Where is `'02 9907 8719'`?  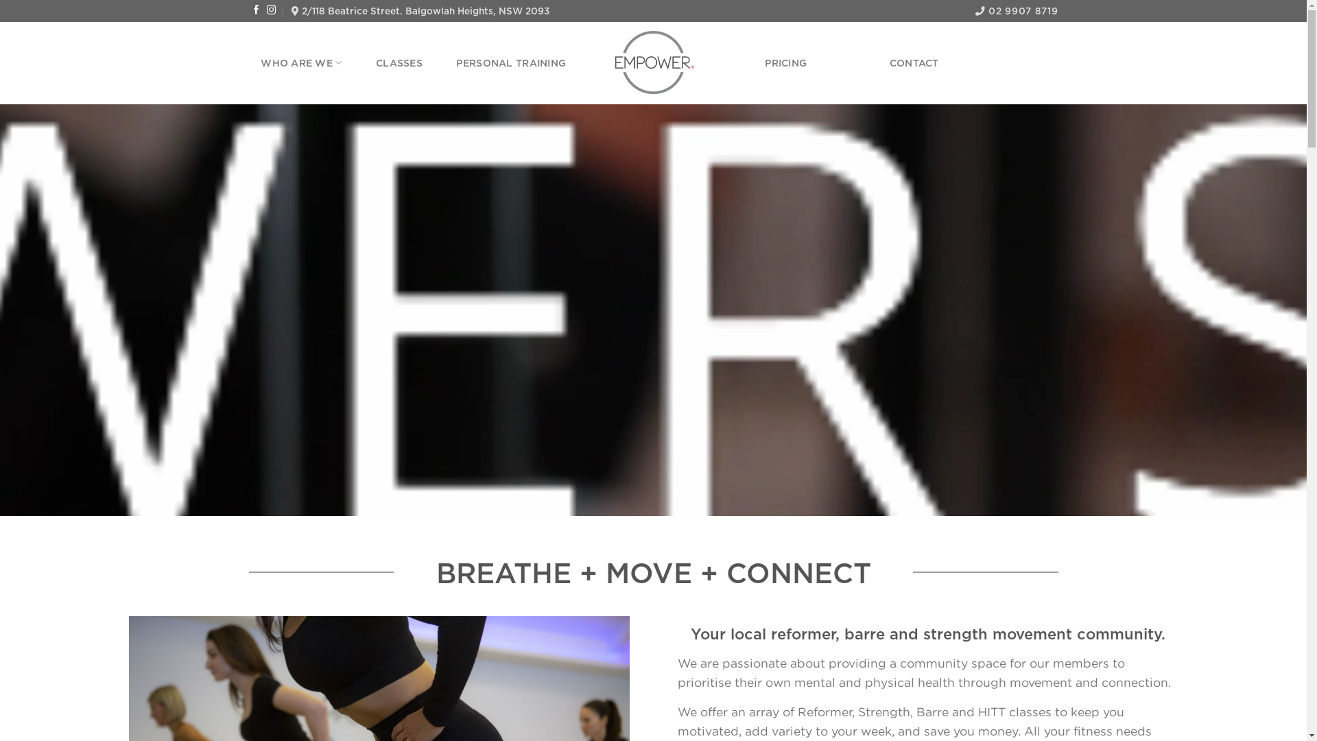 '02 9907 8719' is located at coordinates (1017, 10).